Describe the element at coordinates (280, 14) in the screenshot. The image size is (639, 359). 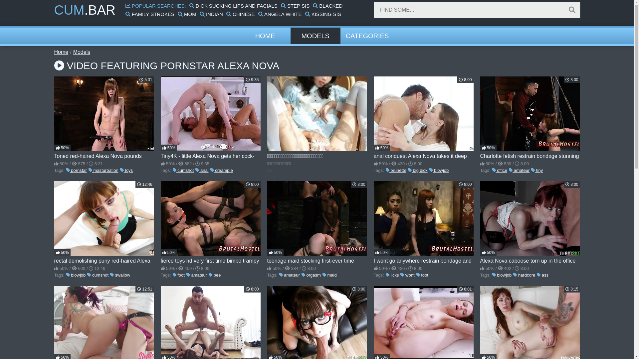
I see `'ANGELA WHITE'` at that location.